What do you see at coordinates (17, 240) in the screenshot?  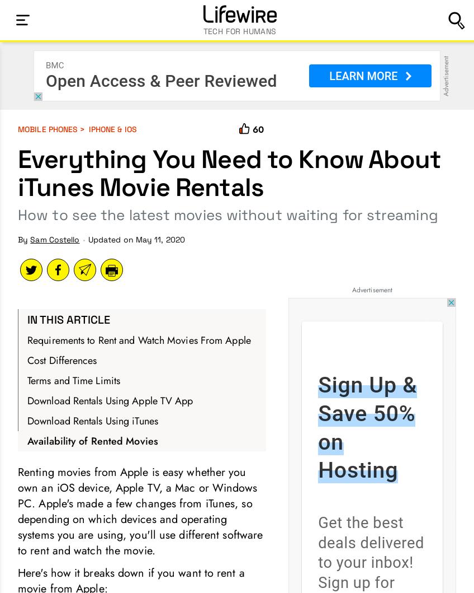 I see `'By'` at bounding box center [17, 240].